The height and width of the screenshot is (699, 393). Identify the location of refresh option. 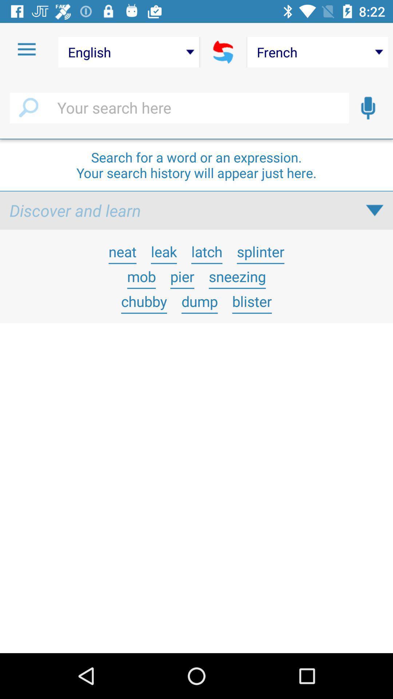
(223, 52).